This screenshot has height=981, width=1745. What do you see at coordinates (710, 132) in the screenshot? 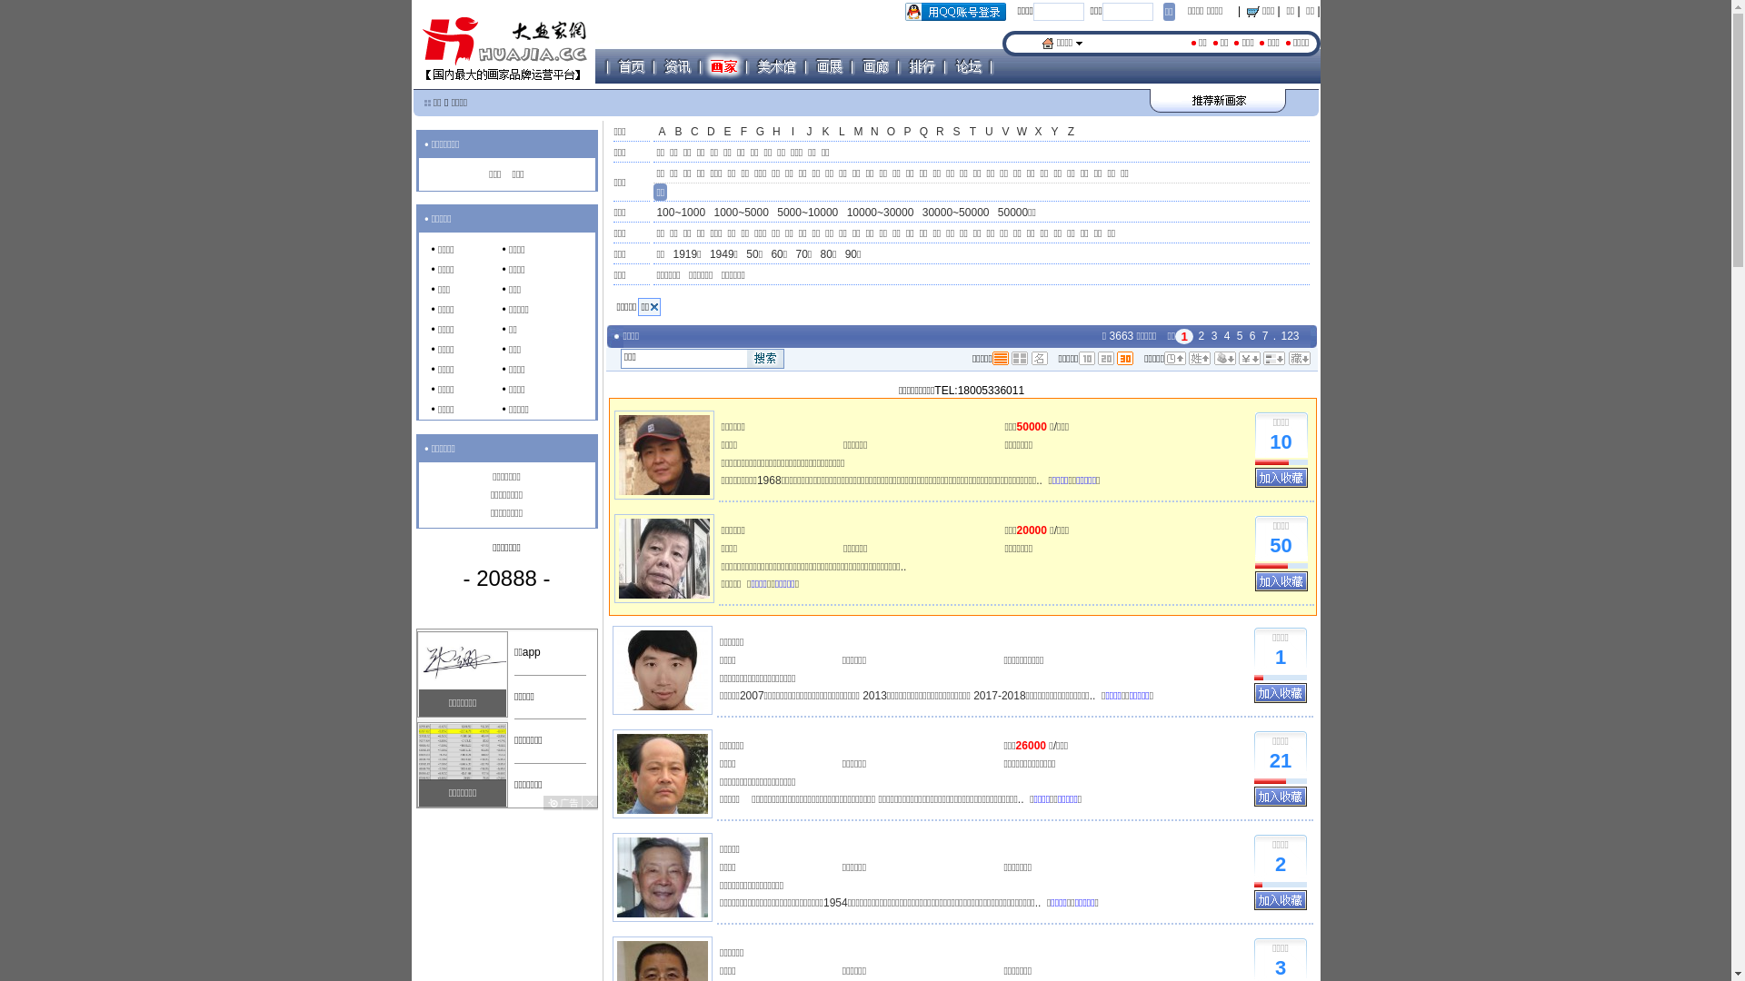
I see `'D'` at bounding box center [710, 132].